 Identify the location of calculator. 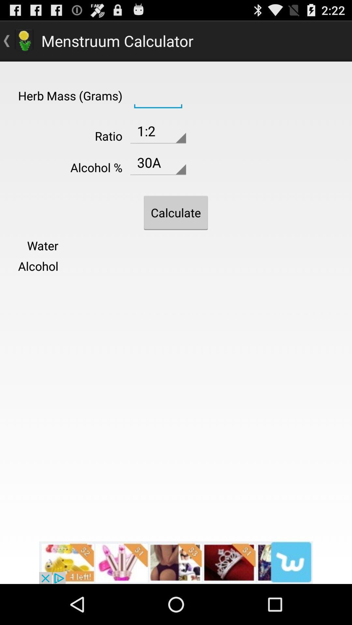
(158, 95).